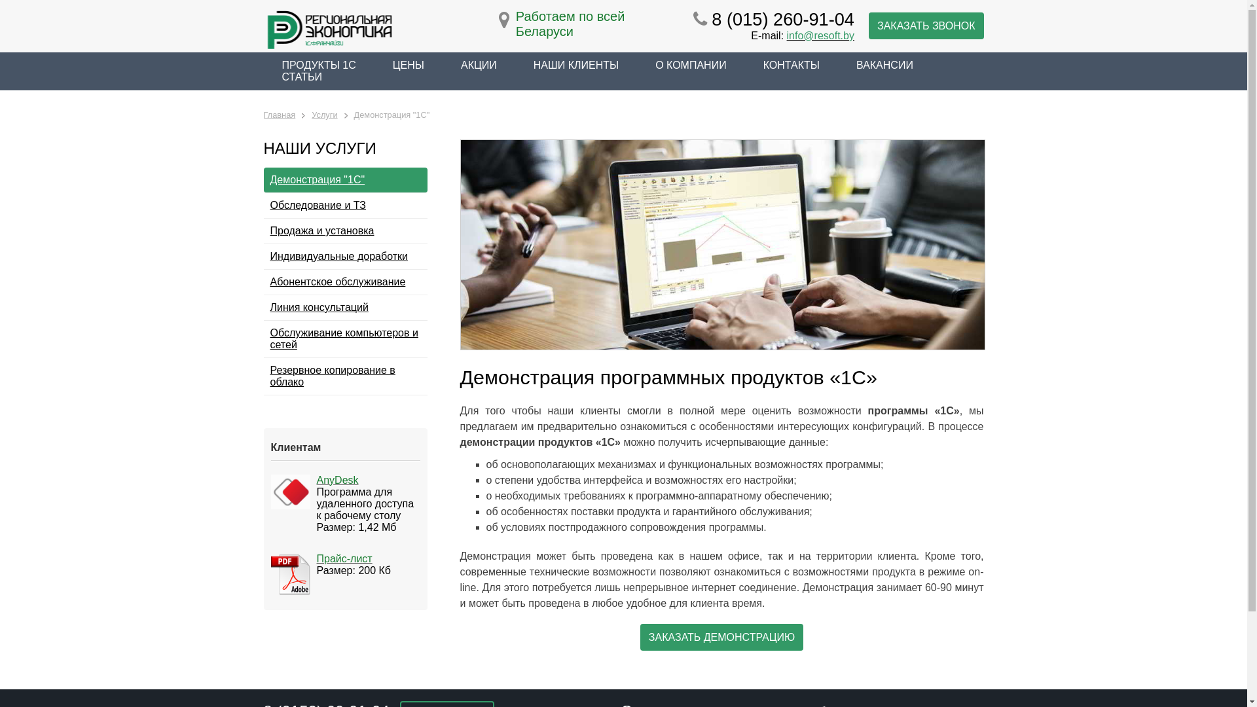 The image size is (1257, 707). What do you see at coordinates (820, 35) in the screenshot?
I see `'info@resoft.by'` at bounding box center [820, 35].